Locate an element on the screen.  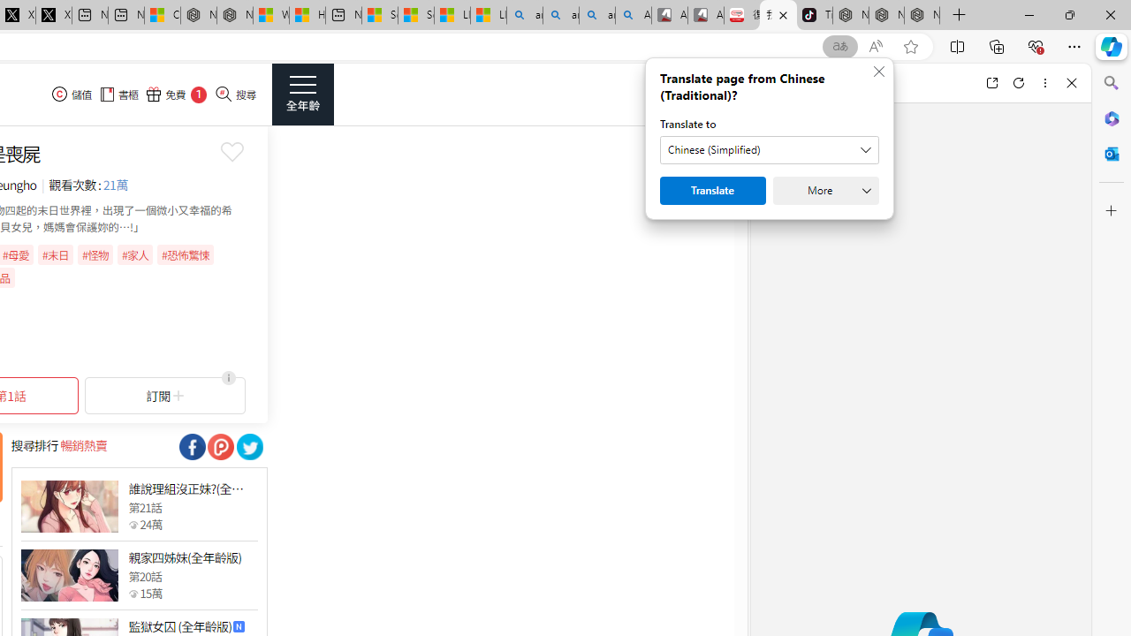
'Amazon Echo Robot - Search Images' is located at coordinates (634, 15).